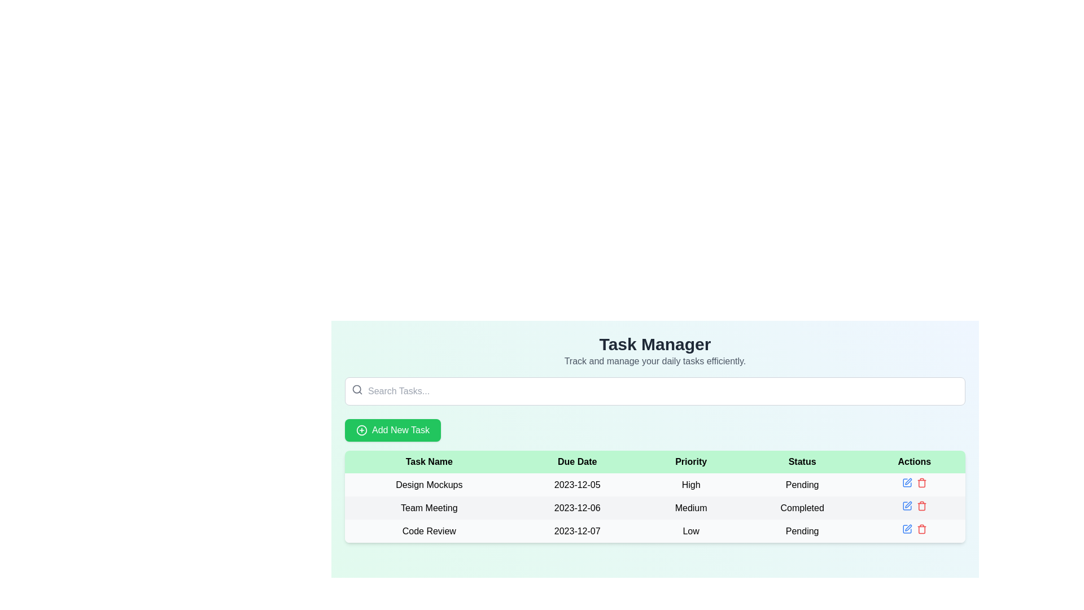  Describe the element at coordinates (908, 481) in the screenshot. I see `the edit icon located in the 'Actions' column of the first row of the task table` at that location.